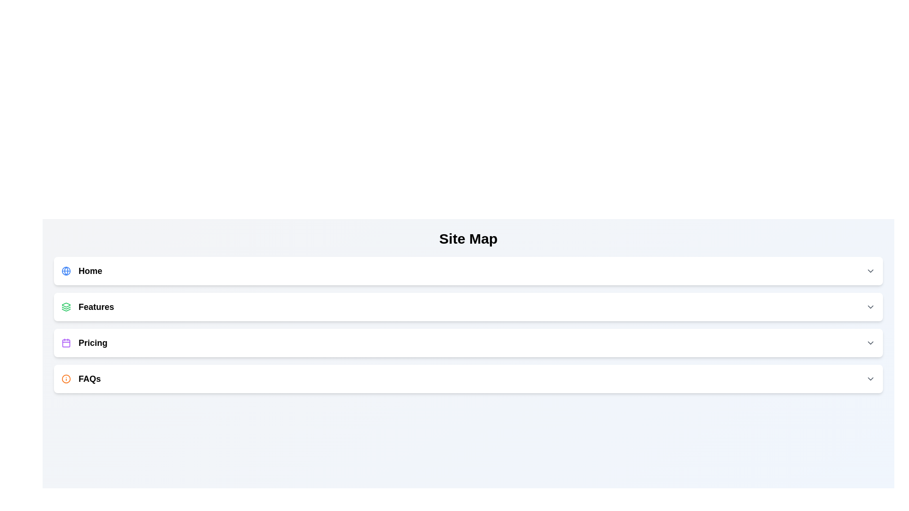 Image resolution: width=909 pixels, height=511 pixels. Describe the element at coordinates (65, 305) in the screenshot. I see `the topmost triangular shape of the green icon in the 'Features' menu option, which serves as a visual indicator for a specific feature` at that location.